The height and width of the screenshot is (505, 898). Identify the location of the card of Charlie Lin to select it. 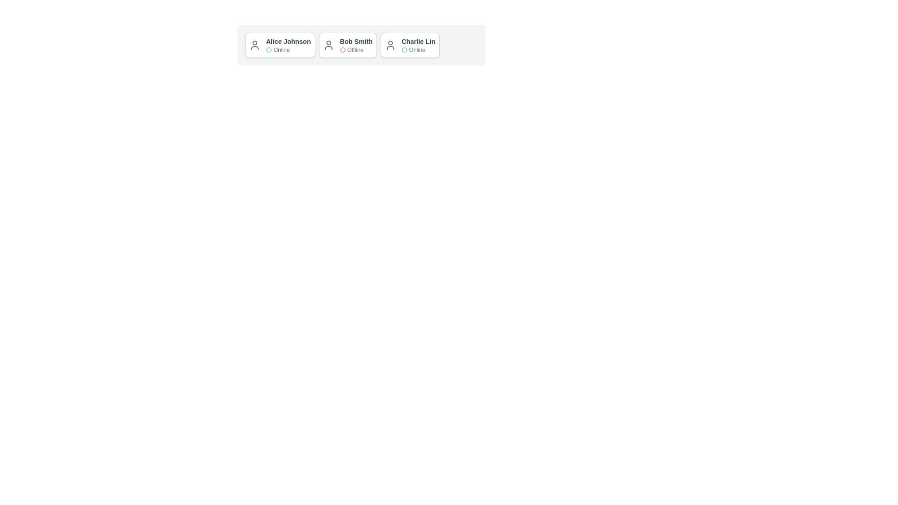
(409, 45).